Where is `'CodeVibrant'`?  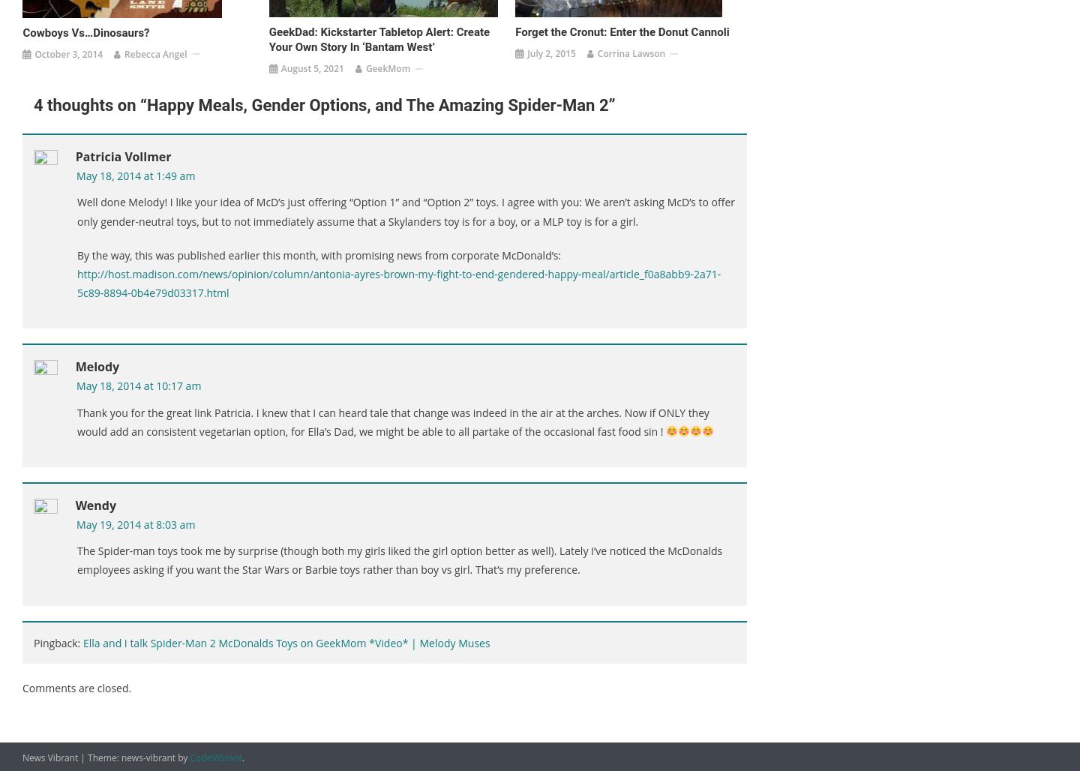
'CodeVibrant' is located at coordinates (189, 756).